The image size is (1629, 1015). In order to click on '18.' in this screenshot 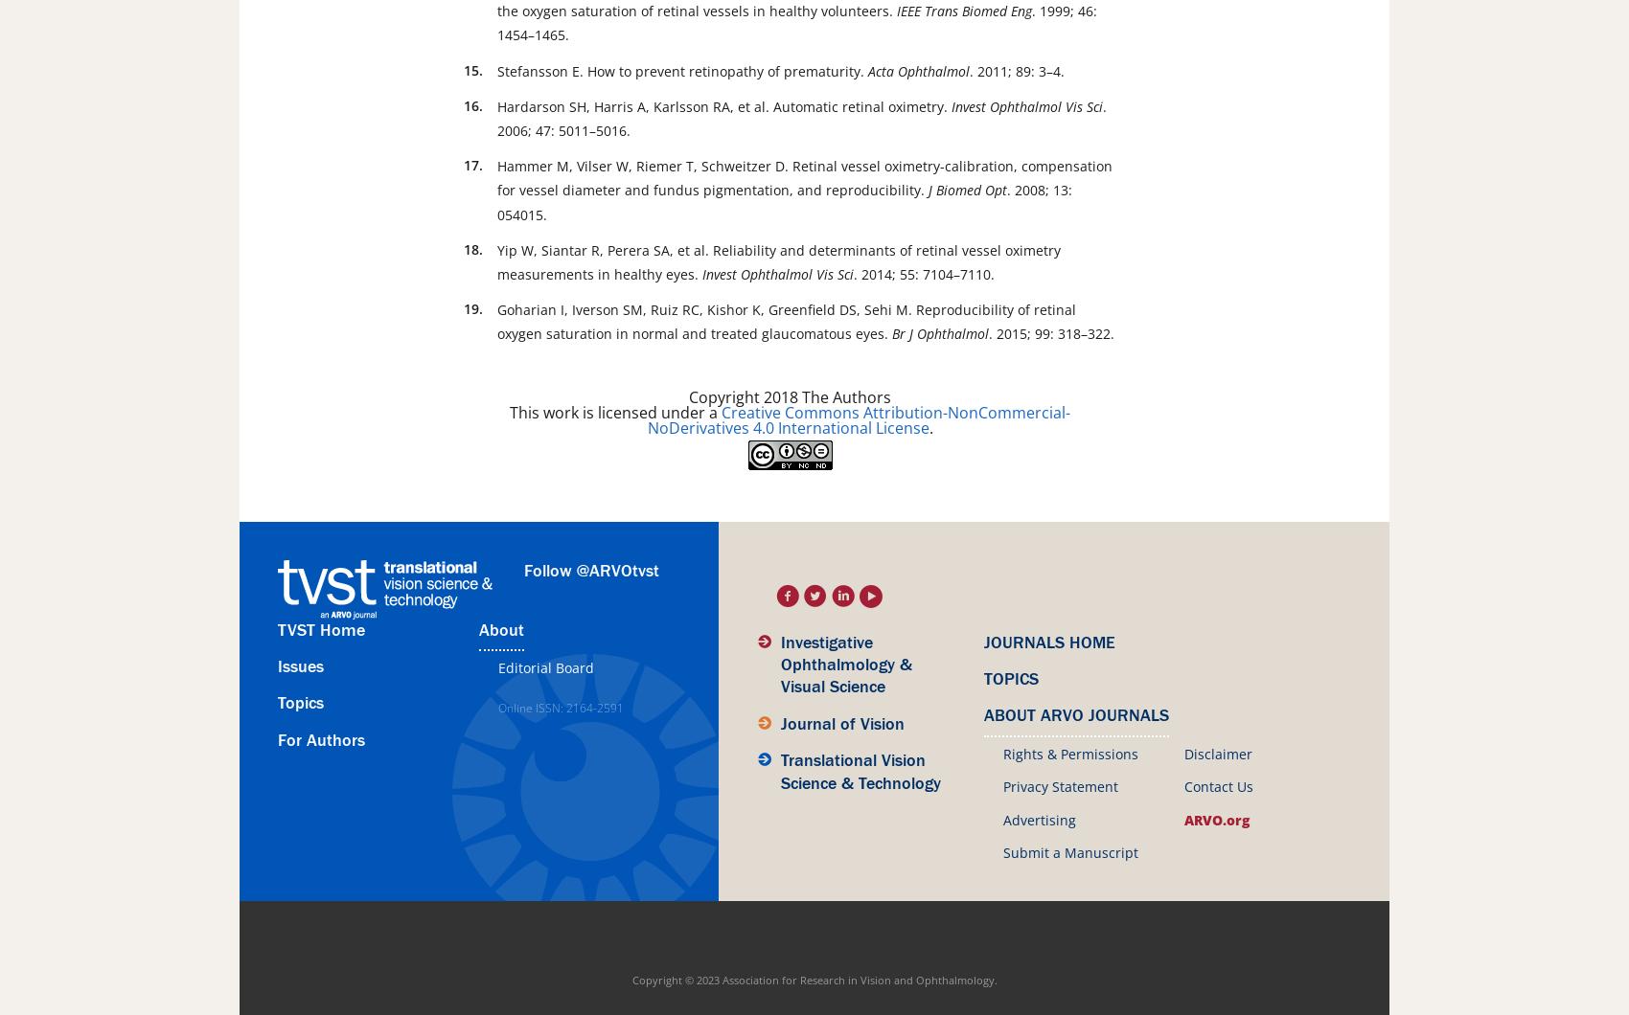, I will do `click(463, 247)`.